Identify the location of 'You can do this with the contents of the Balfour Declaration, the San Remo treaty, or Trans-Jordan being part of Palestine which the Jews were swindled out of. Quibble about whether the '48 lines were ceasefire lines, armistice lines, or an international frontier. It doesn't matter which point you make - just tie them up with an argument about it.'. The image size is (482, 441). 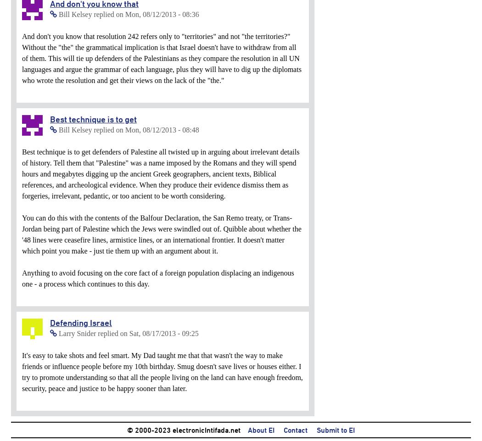
(161, 234).